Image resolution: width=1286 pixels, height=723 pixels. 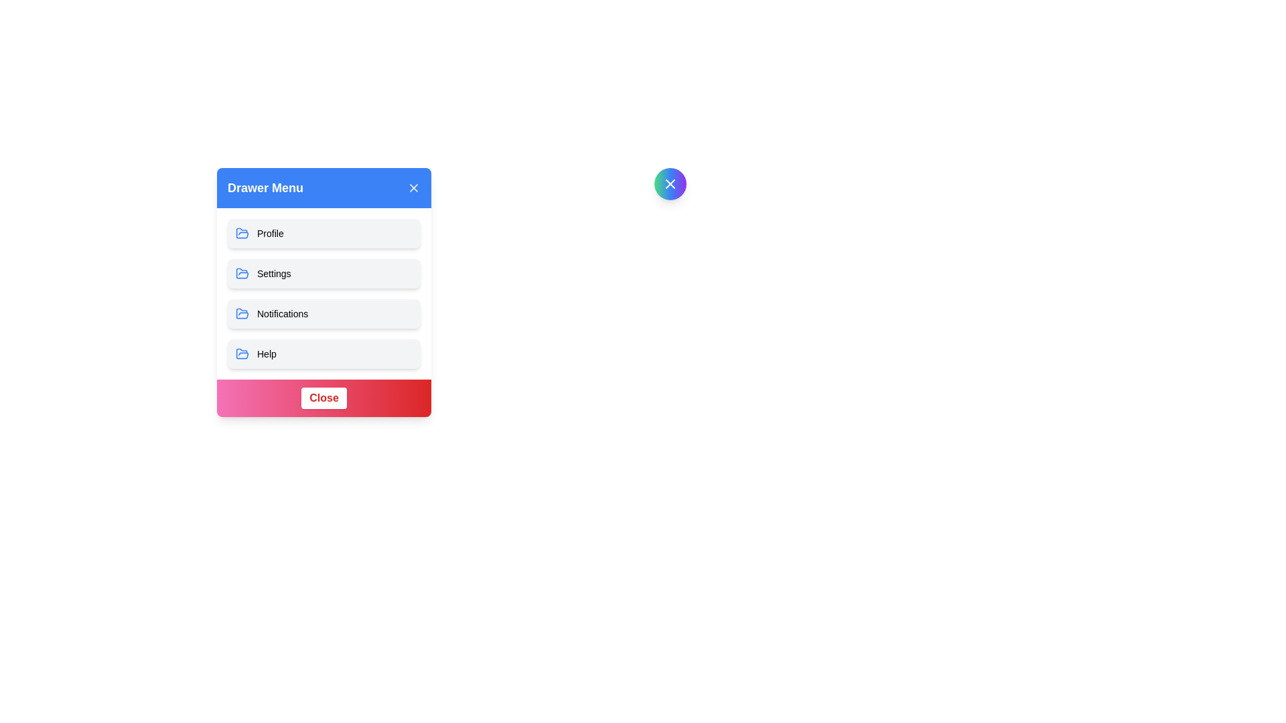 What do you see at coordinates (324, 353) in the screenshot?
I see `the help button located in the vertically-aligned drawer menu, positioned below the 'Notifications' menu item and above the 'Close' button` at bounding box center [324, 353].